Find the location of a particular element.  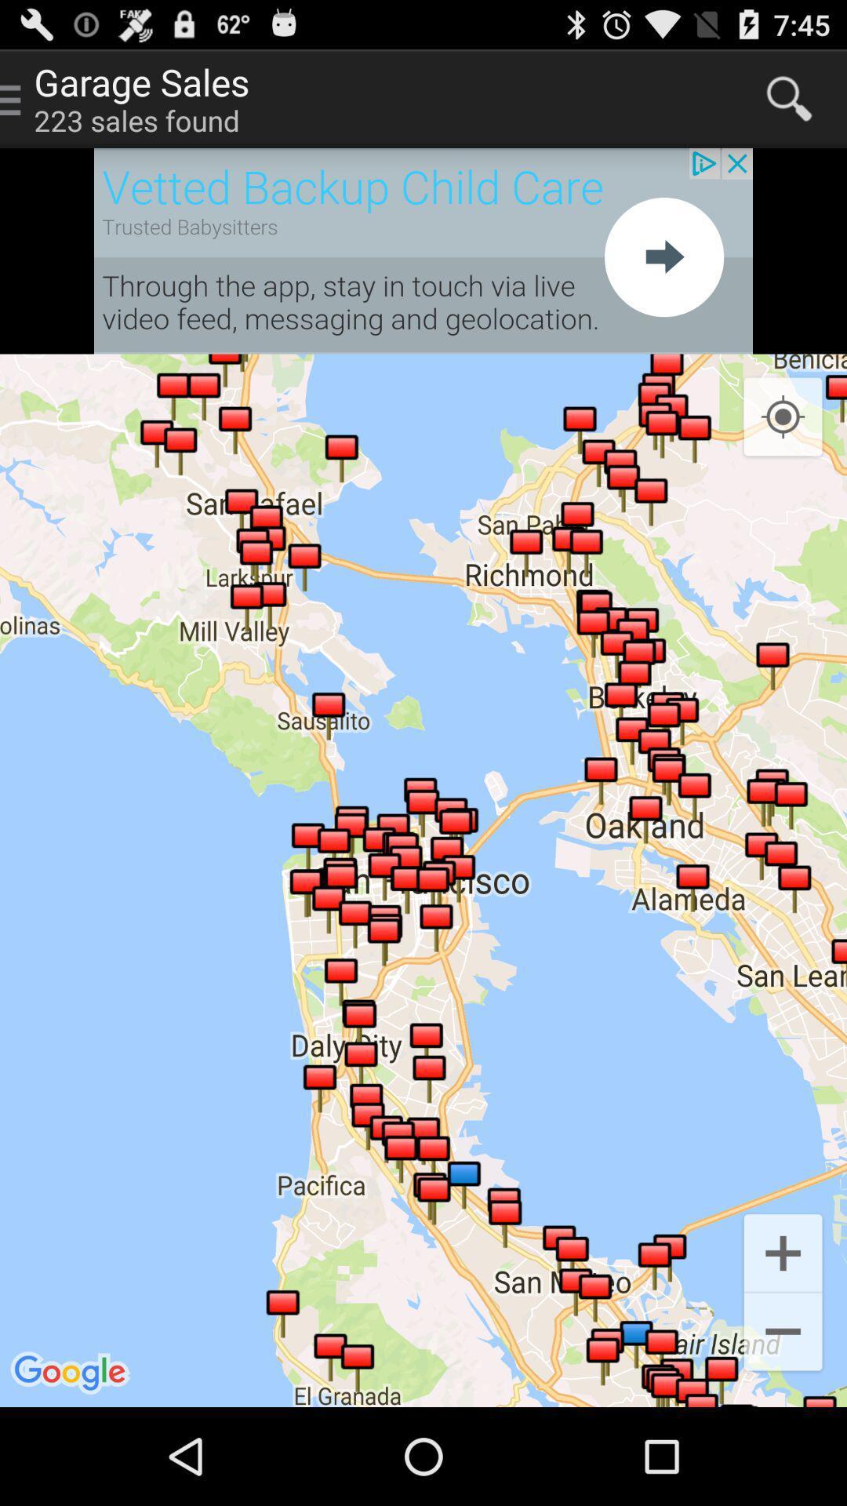

click the advertisement is located at coordinates (423, 251).